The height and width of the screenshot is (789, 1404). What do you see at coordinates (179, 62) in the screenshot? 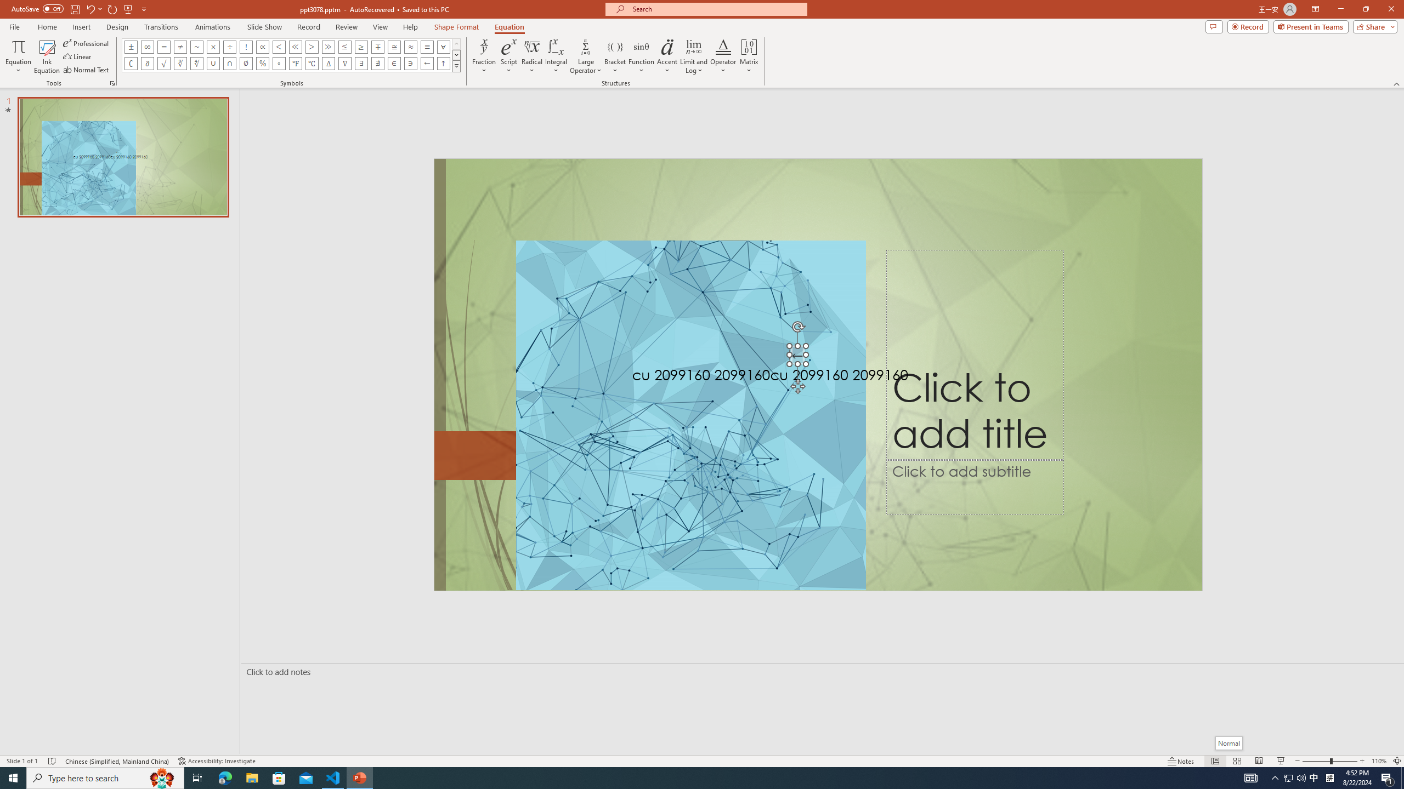
I see `'Equation Symbol Cube Root'` at bounding box center [179, 62].